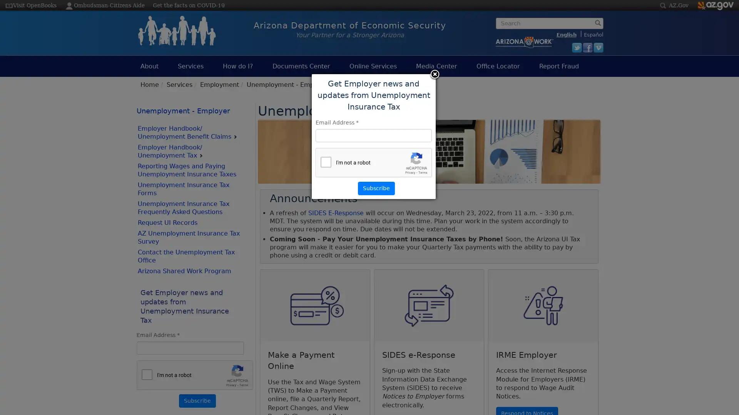 The image size is (739, 415). What do you see at coordinates (376, 188) in the screenshot?
I see `Subscribe` at bounding box center [376, 188].